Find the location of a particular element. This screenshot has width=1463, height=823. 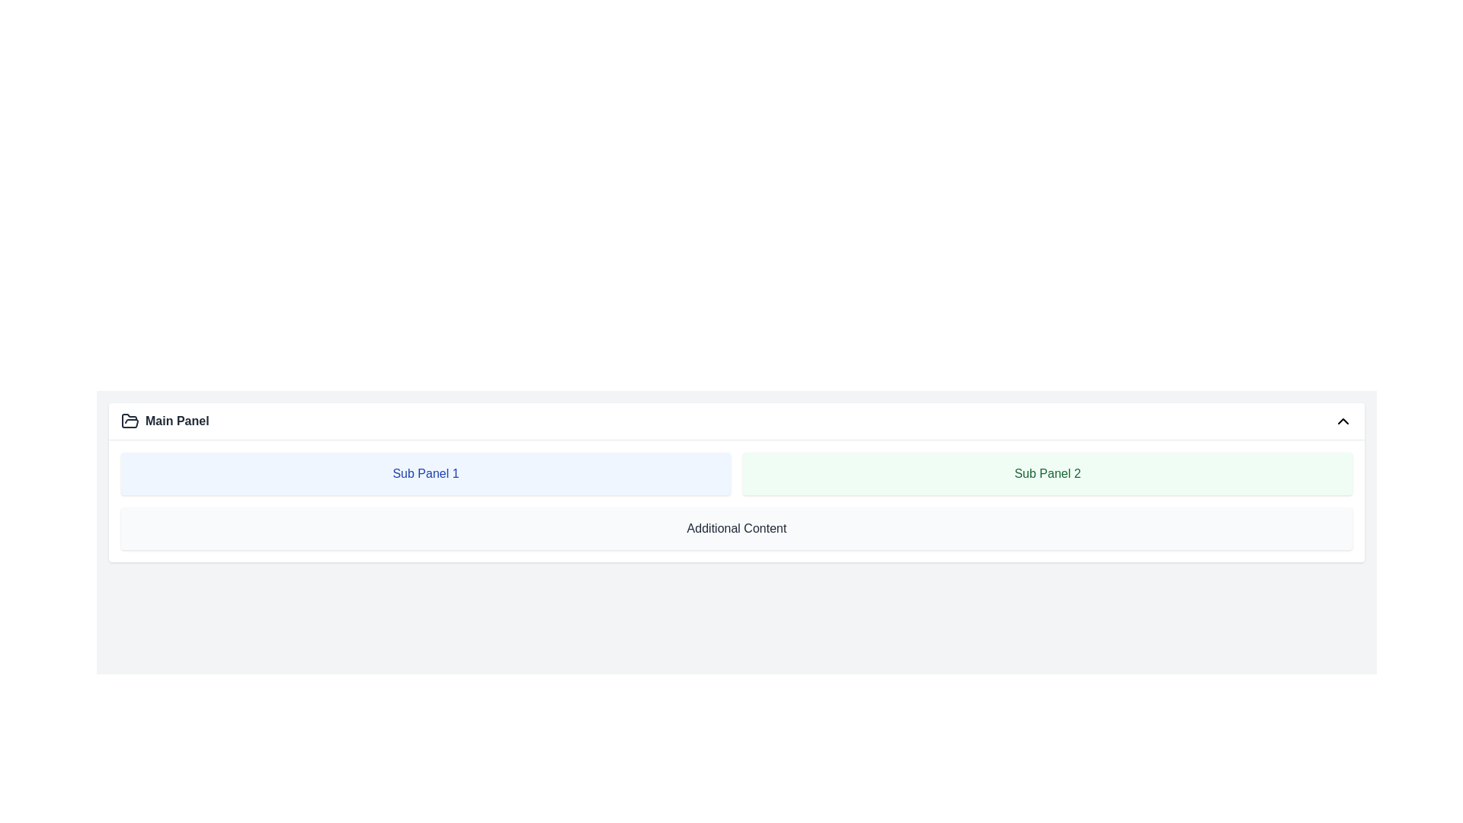

label that identifies the section in the top-left corner of the containing panel is located at coordinates (165, 421).